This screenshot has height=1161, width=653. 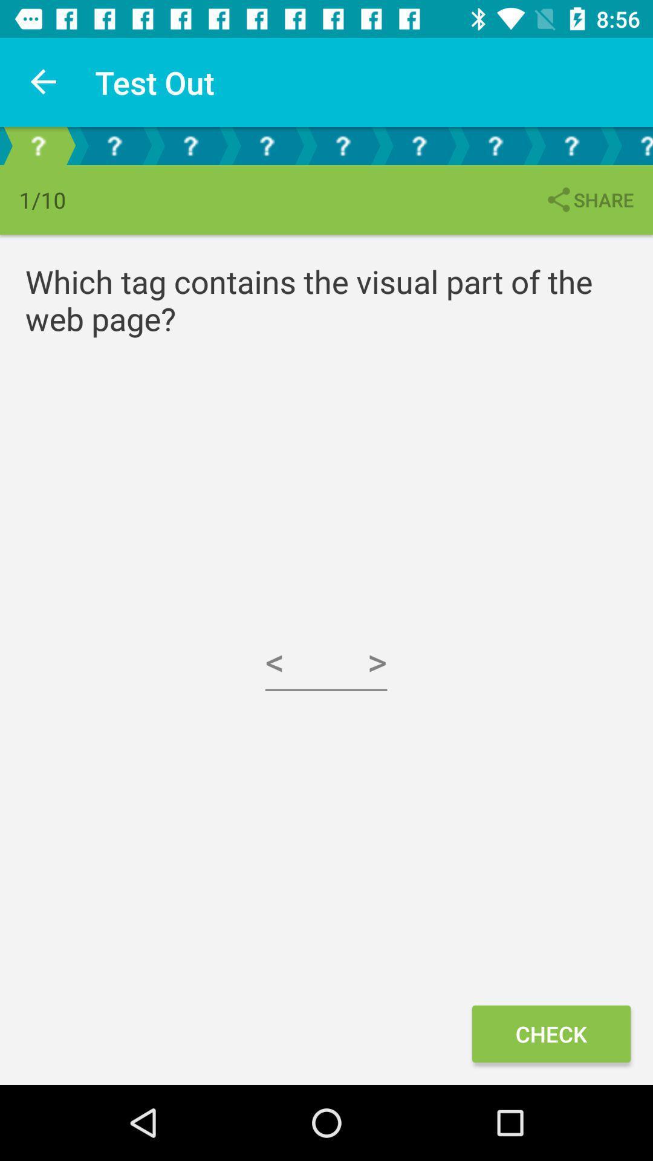 What do you see at coordinates (631, 145) in the screenshot?
I see `9th question mark which is at right side of the page` at bounding box center [631, 145].